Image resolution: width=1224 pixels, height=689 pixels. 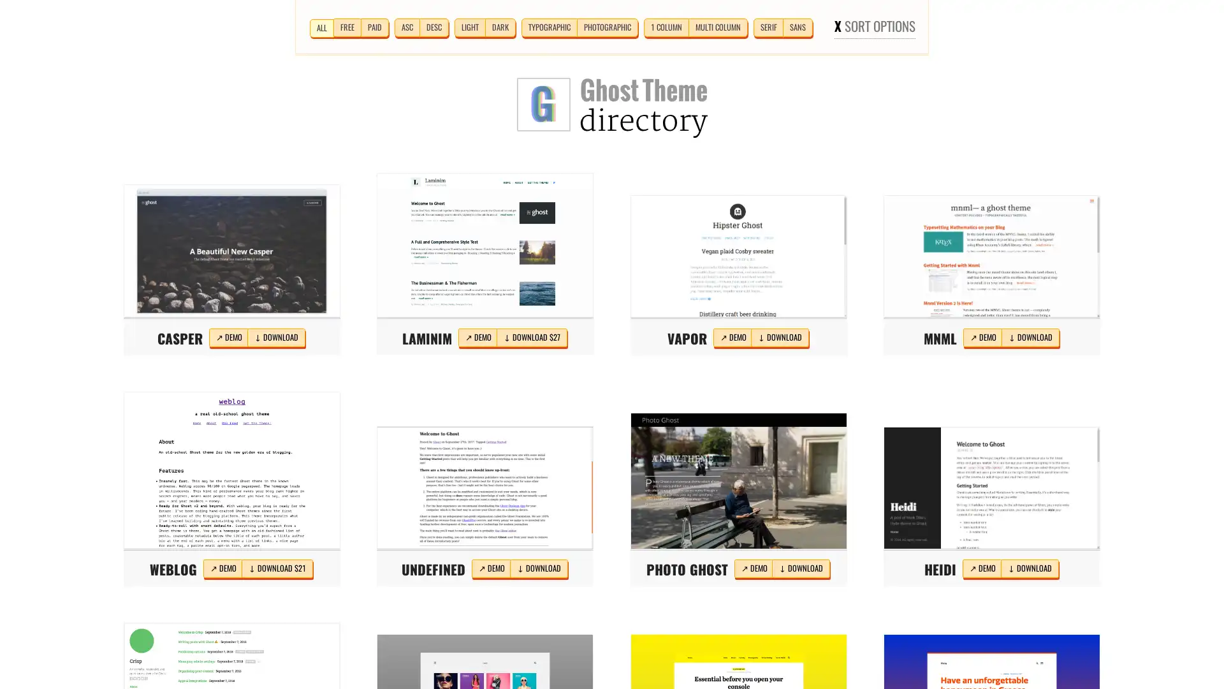 I want to click on LIGHT, so click(x=469, y=27).